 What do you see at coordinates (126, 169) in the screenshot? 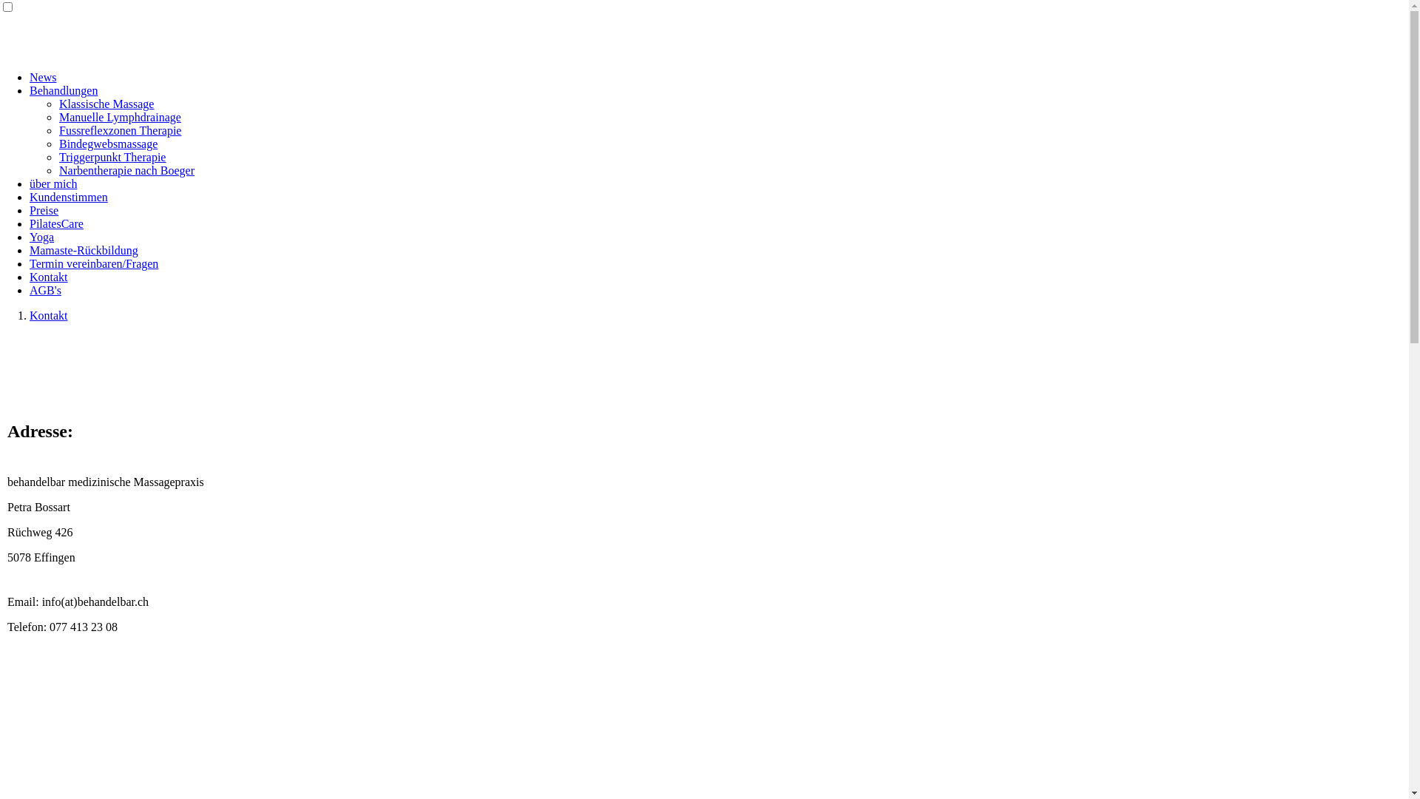
I see `'Narbentherapie nach Boeger'` at bounding box center [126, 169].